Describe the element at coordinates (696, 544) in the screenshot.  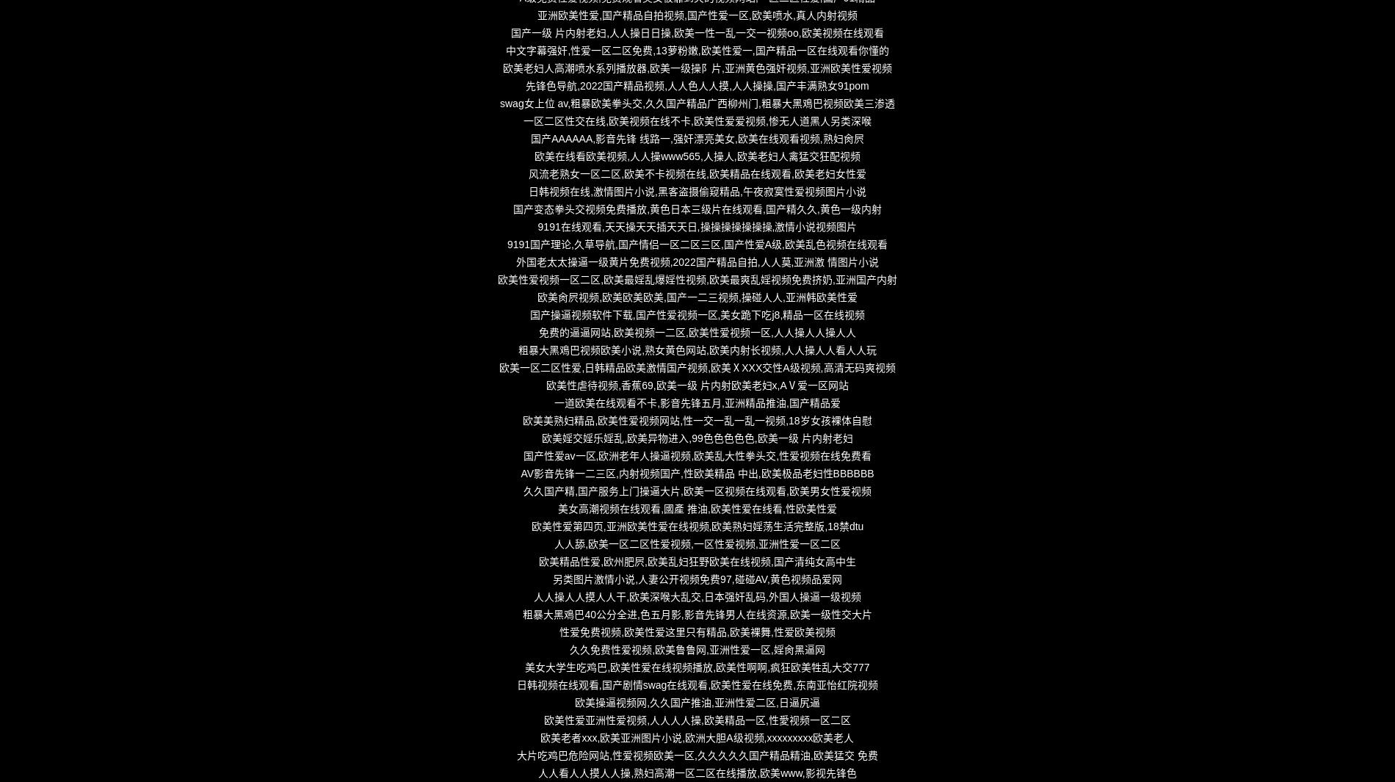
I see `'人人舔,欧美一区二区性爱视频,一区性爱视频,亚洲性爱一区二区'` at that location.